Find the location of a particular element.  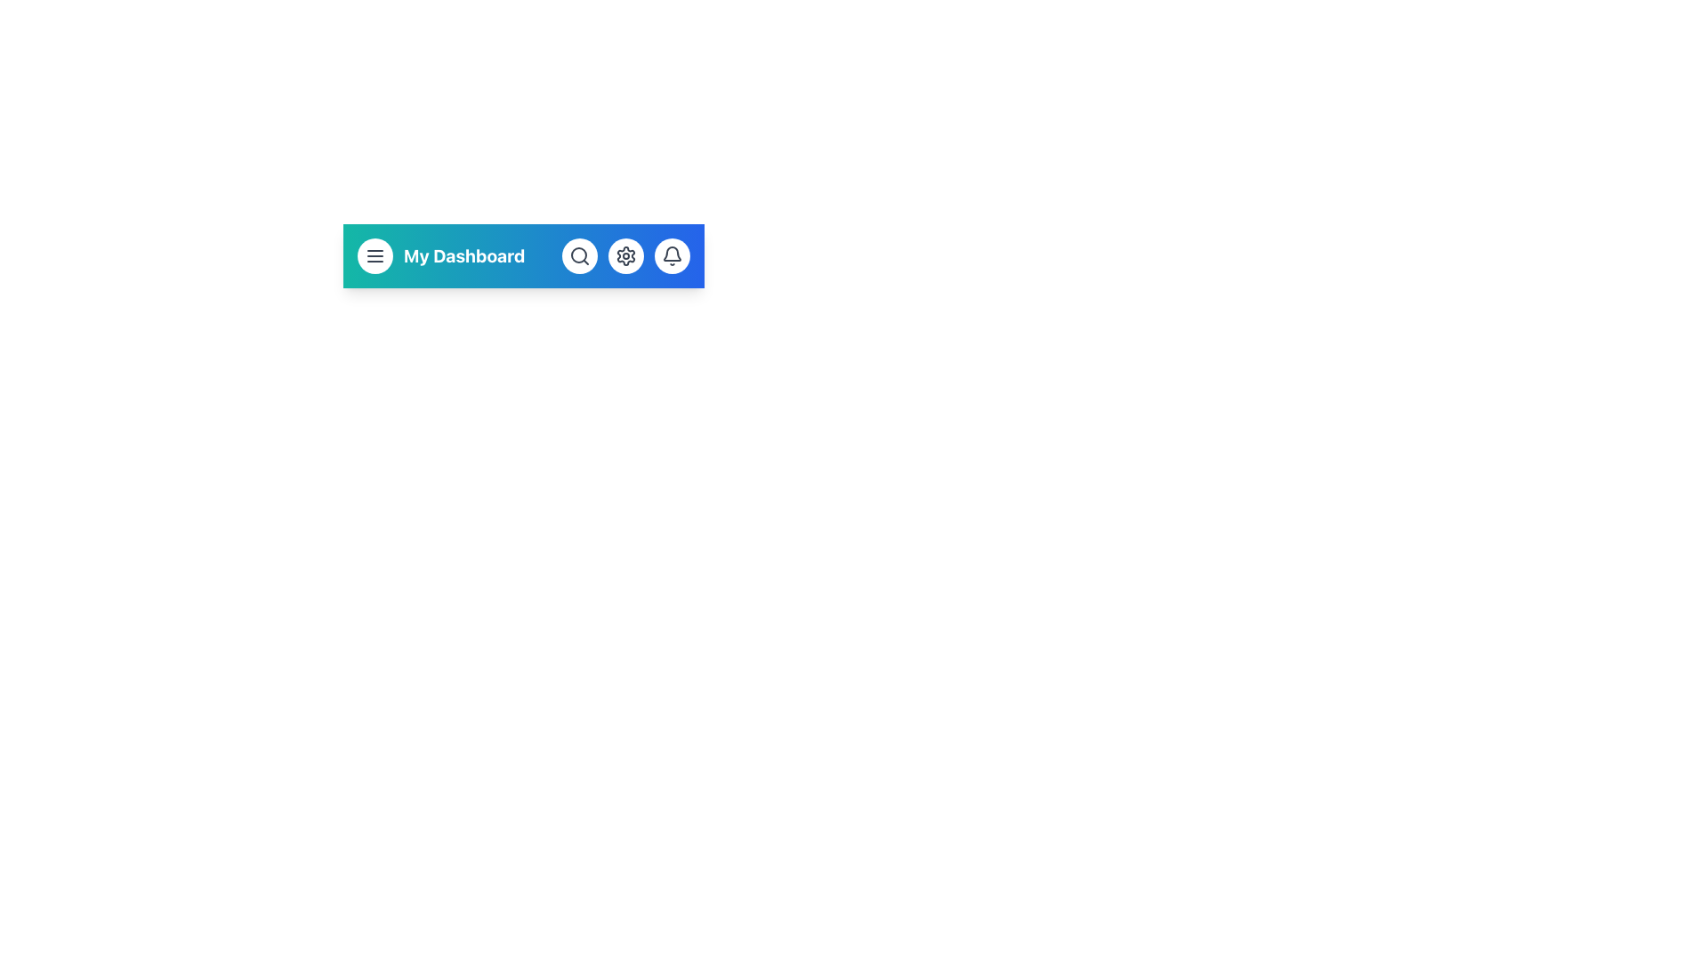

the second circular icon button in the toolbar, which is positioned between the magnifying glass icon and the bell icon is located at coordinates (626, 256).